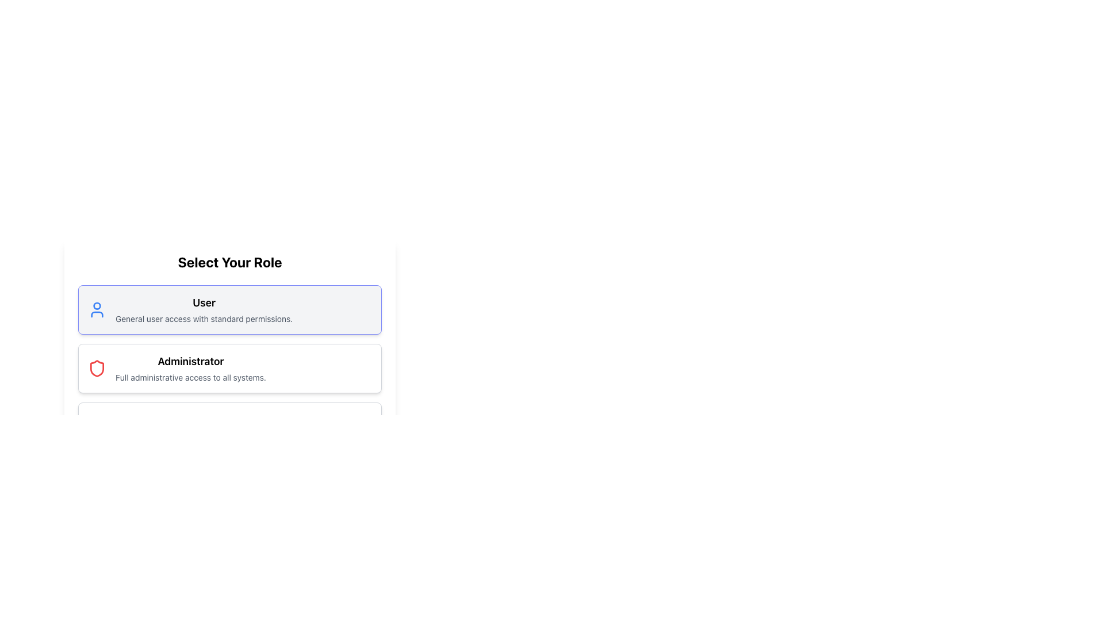  I want to click on the administrator role icon, which symbolizes protection or security, located within the 'Administrator' button in the role selection list, so click(97, 368).